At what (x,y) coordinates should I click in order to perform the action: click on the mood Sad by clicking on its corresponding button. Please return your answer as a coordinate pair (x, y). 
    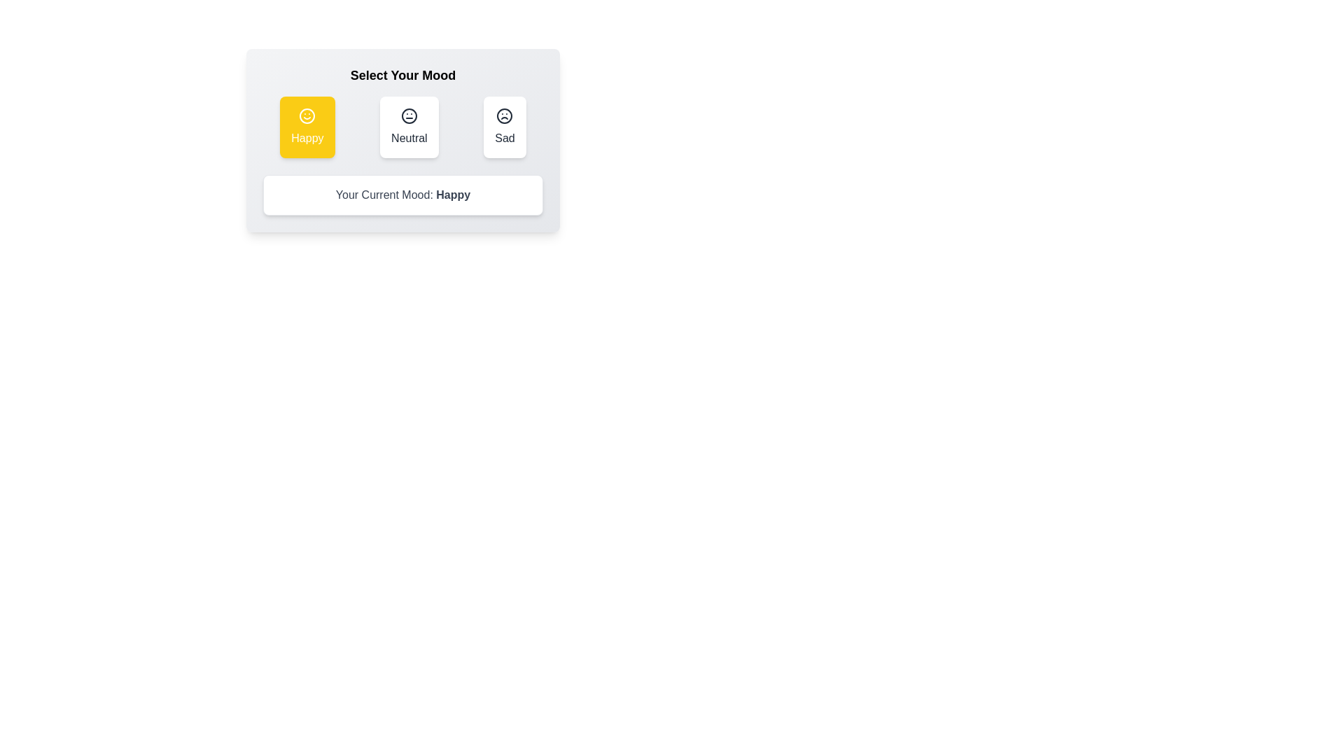
    Looking at the image, I should click on (504, 127).